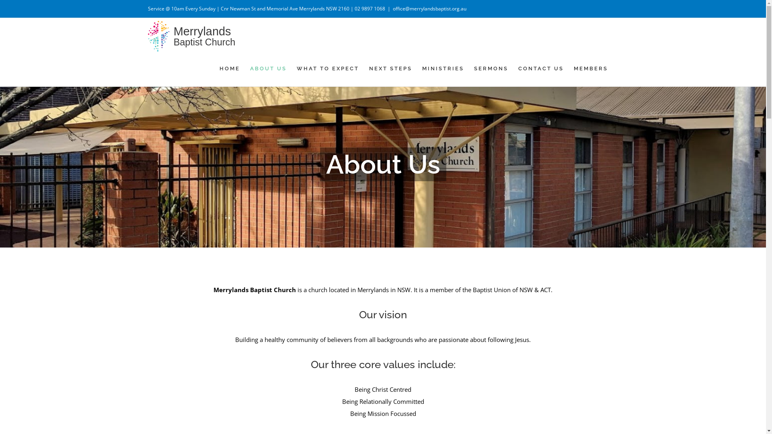  I want to click on 'HOME', so click(220, 68).